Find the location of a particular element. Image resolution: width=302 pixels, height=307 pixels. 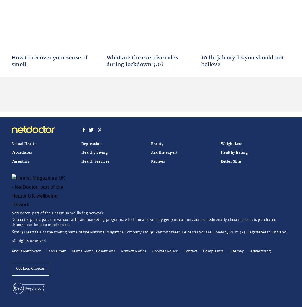

'Healthy Living' is located at coordinates (94, 152).